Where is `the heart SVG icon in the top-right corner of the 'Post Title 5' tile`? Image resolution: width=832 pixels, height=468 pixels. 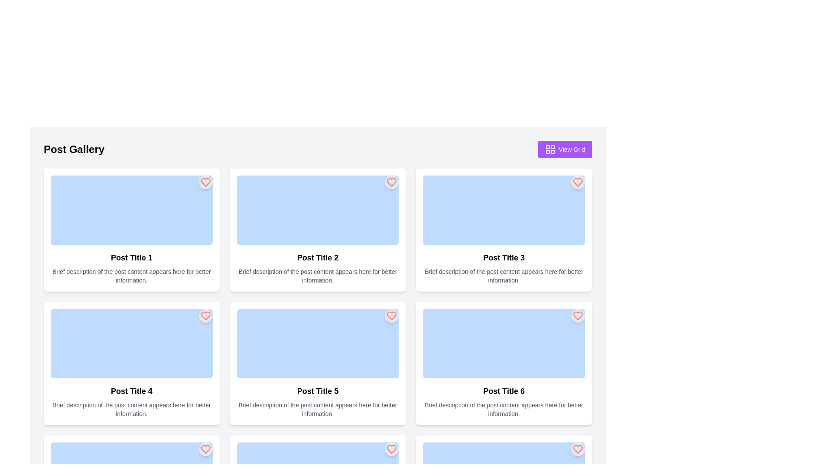 the heart SVG icon in the top-right corner of the 'Post Title 5' tile is located at coordinates (391, 316).